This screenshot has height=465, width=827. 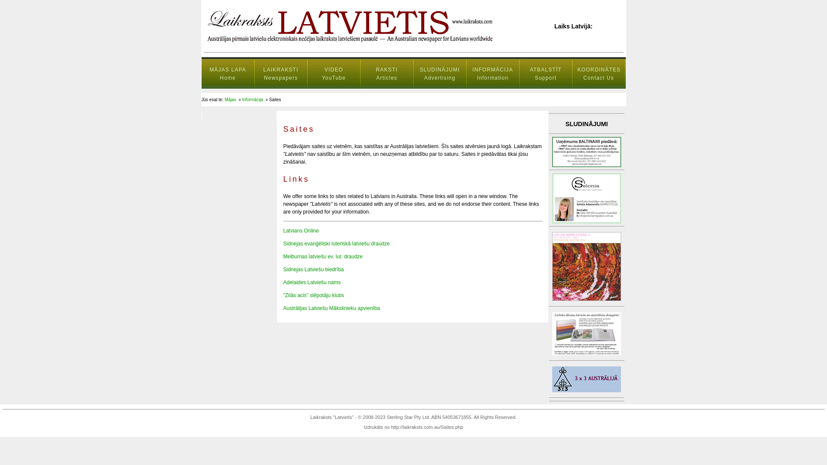 I want to click on 'LAIKRAKSTI, so click(x=280, y=74).